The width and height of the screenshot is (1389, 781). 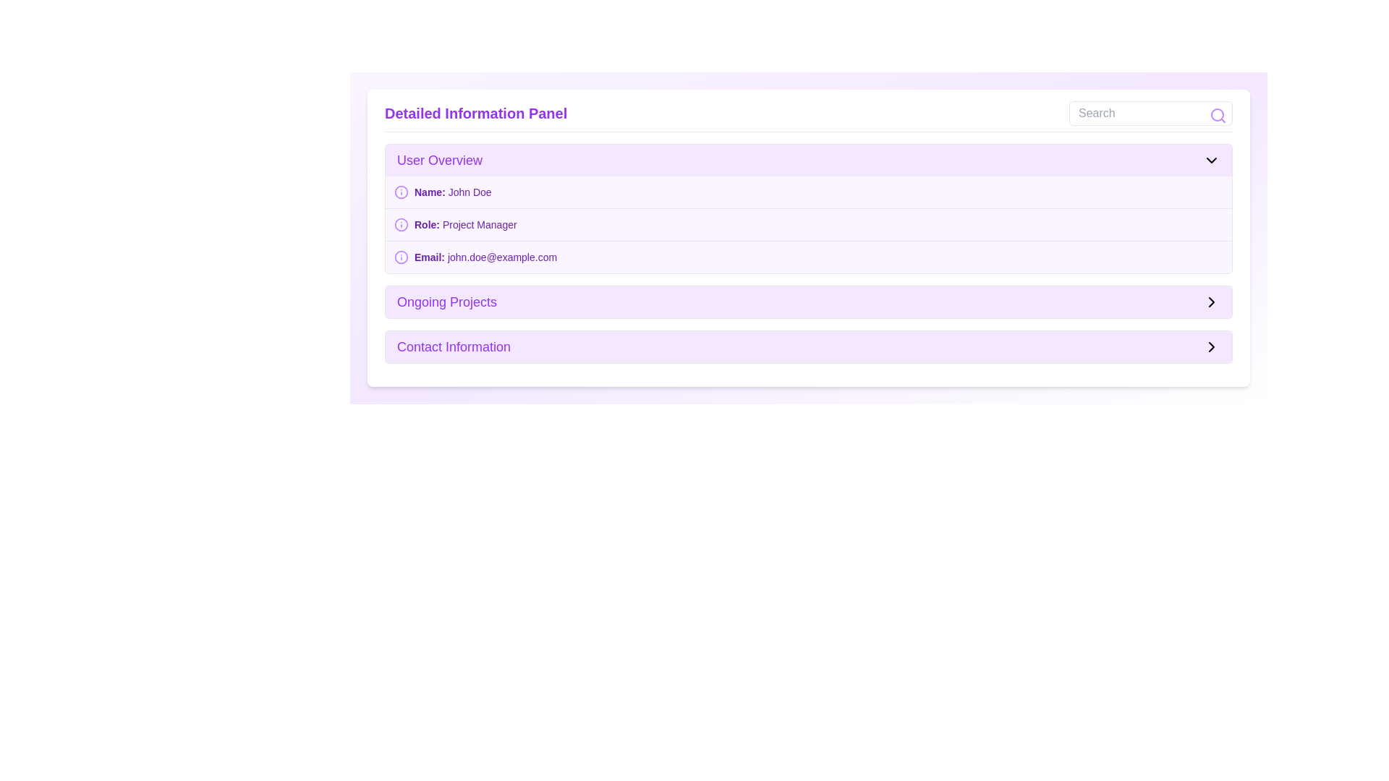 I want to click on the rightward-pointing chevron arrow icon, so click(x=1212, y=301).